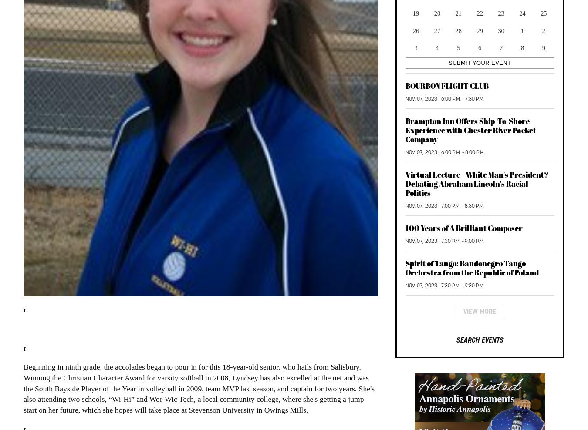 This screenshot has width=588, height=430. I want to click on '21', so click(458, 13).